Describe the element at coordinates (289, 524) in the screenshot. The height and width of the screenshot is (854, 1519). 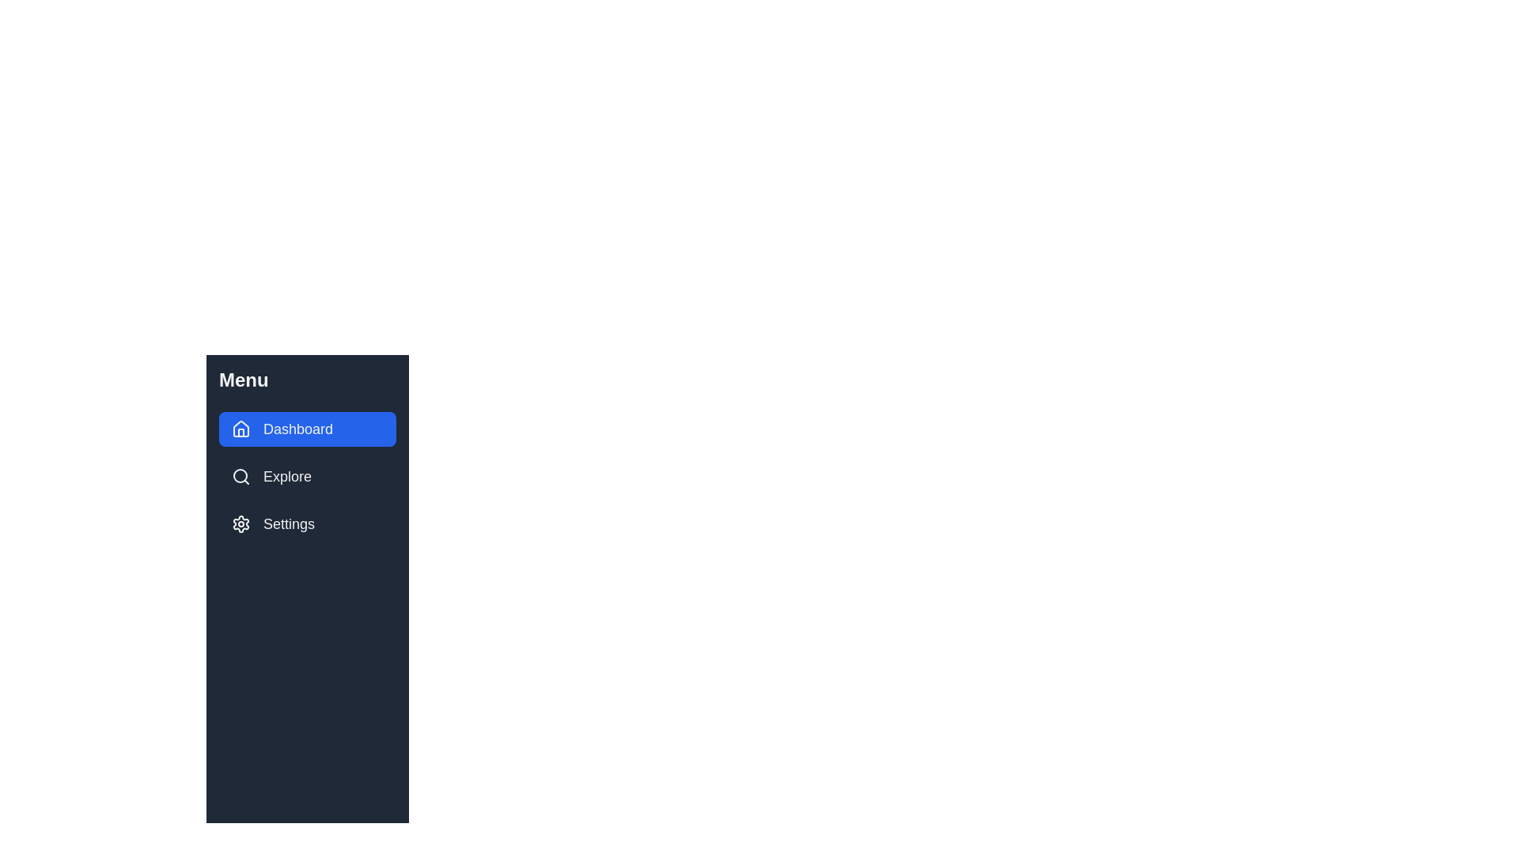
I see `the 'Settings' text label positioned under the 'Explore' menu item for visual feedback` at that location.